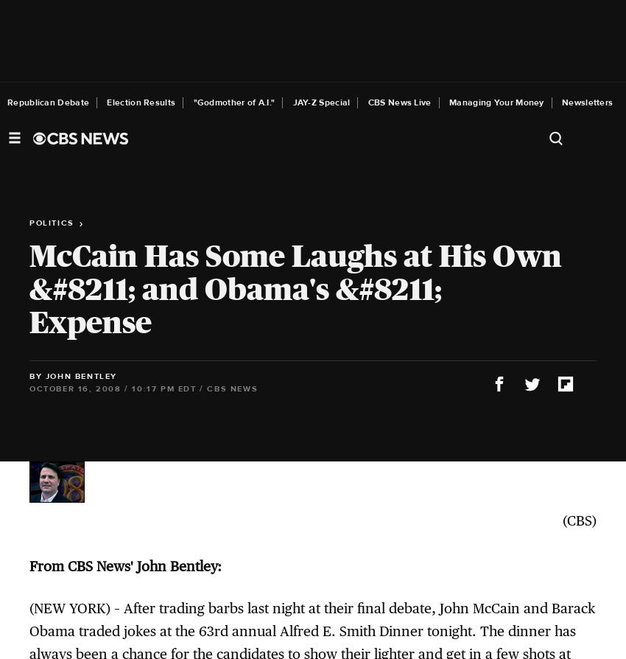  Describe the element at coordinates (295, 288) in the screenshot. I see `'McCain Has Some Laughs at His Own &#8211; and Obama's &#8211; Expense'` at that location.